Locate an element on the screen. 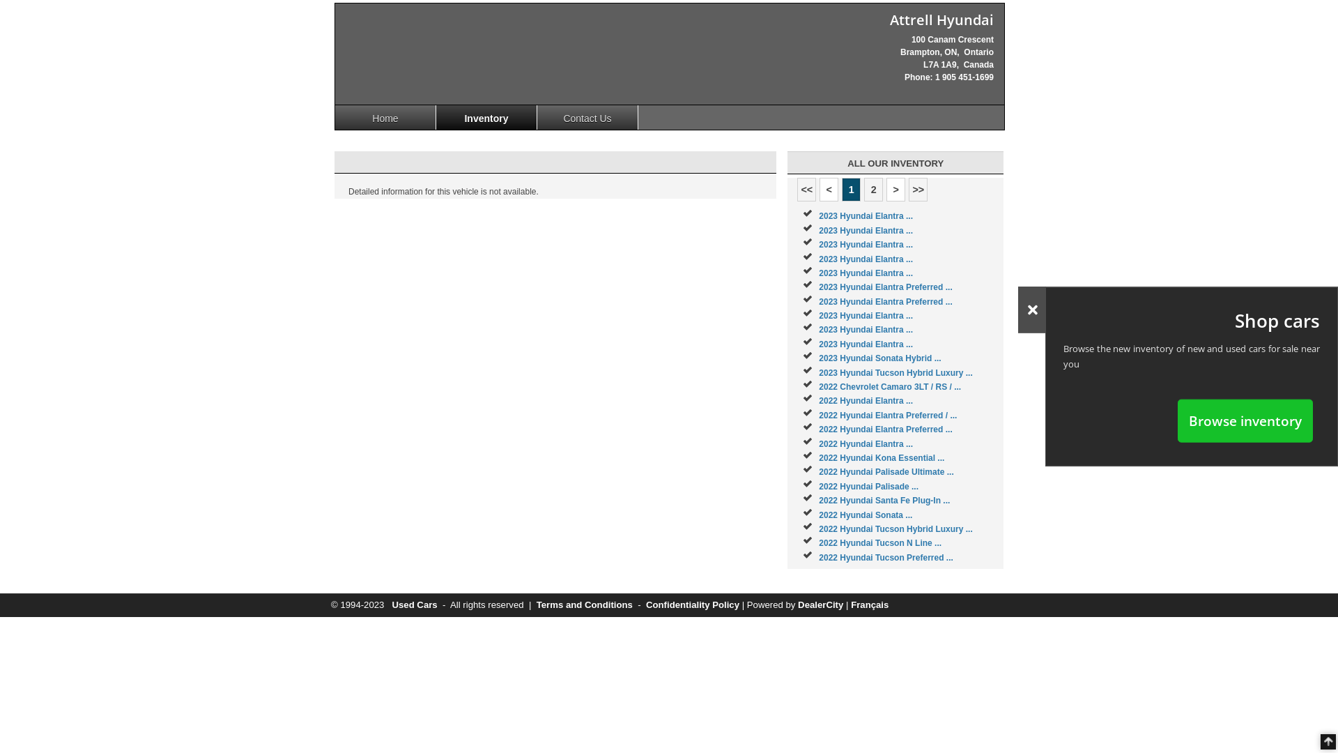  '<' is located at coordinates (829, 190).